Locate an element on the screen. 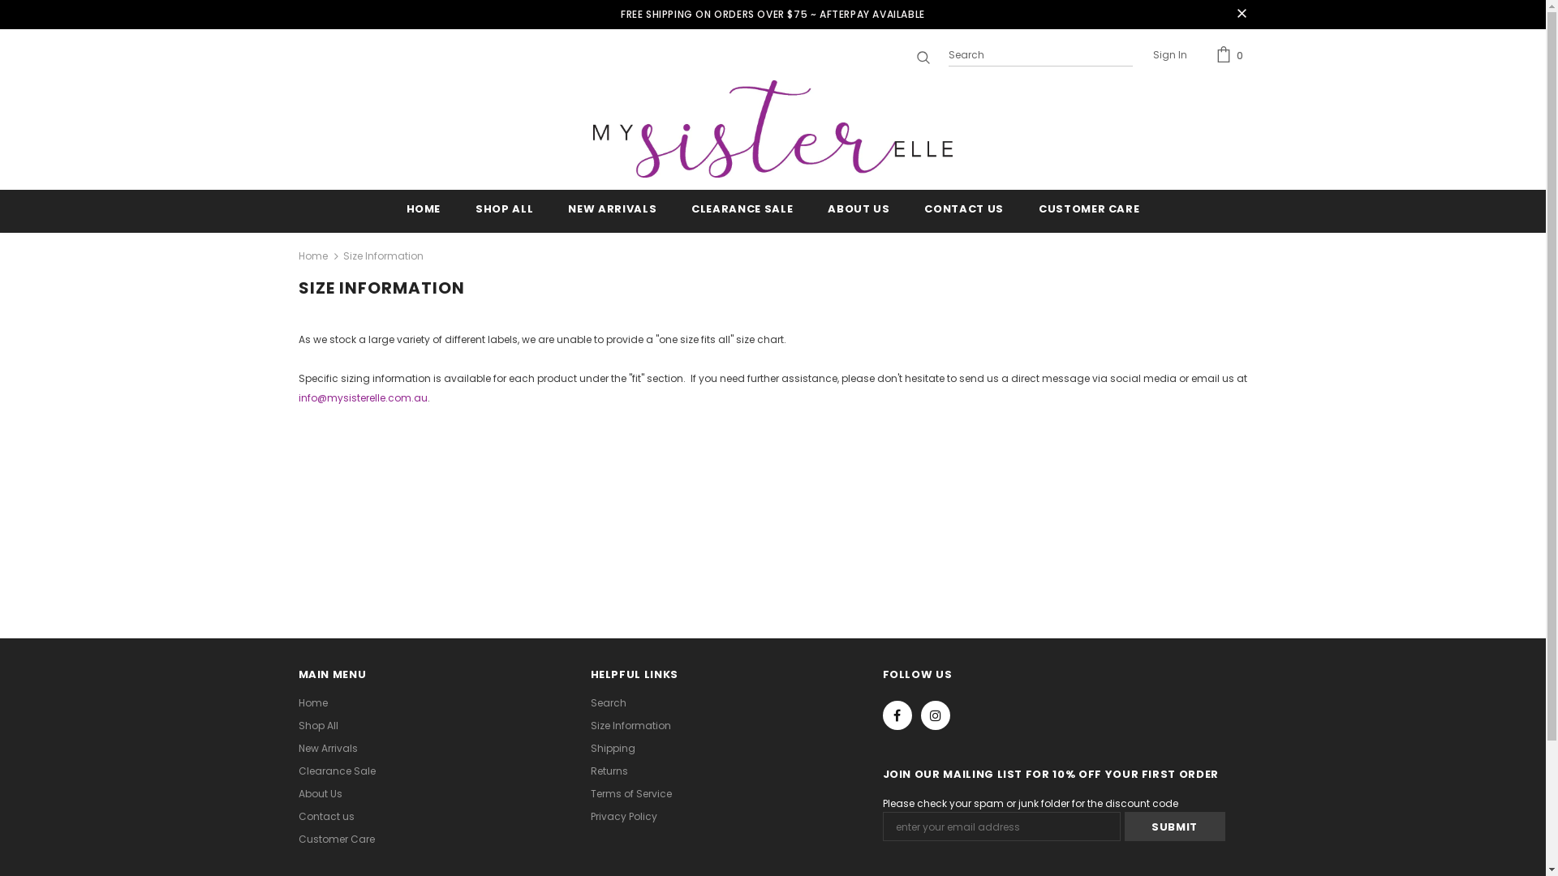  'CLEARANCE SALE' is located at coordinates (691, 210).